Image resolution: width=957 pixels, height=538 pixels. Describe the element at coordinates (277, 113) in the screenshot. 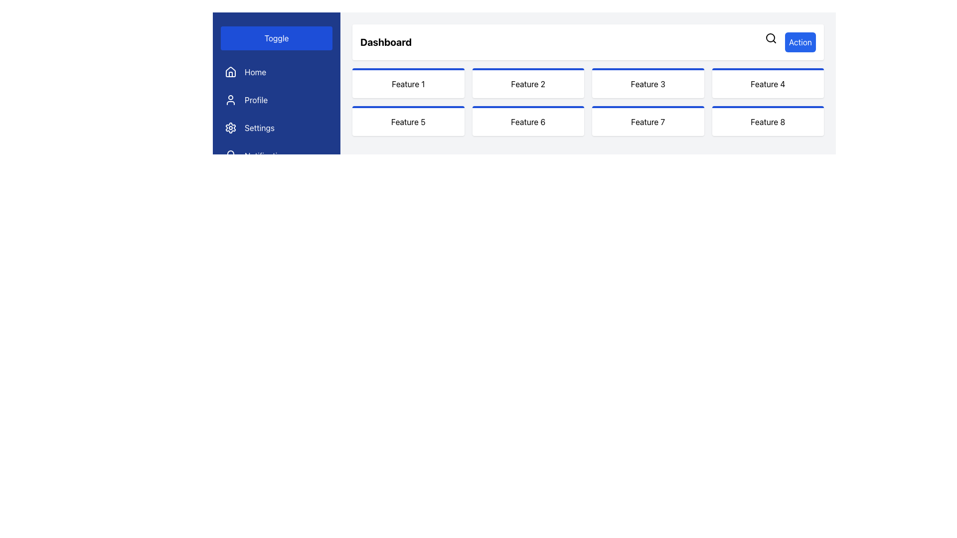

I see `the Navigation Button which is the third item in the vertical list of menu items titled 'Home', 'Profile', 'Settings', and 'Notifications' with a blue background` at that location.